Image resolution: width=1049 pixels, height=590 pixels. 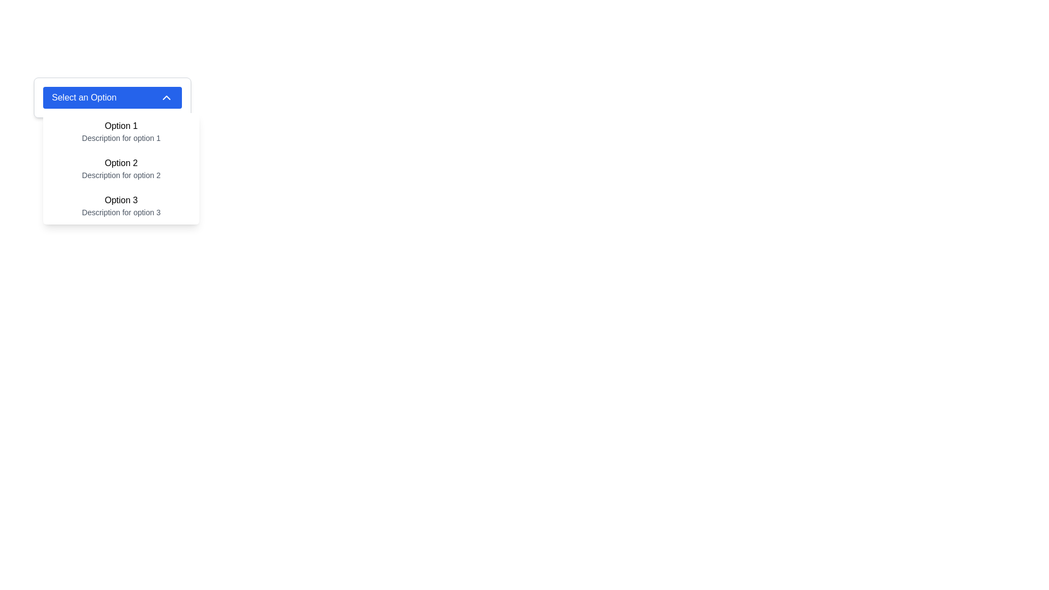 I want to click on the text label 'Option 1' in the dropdown menu, so click(x=121, y=126).